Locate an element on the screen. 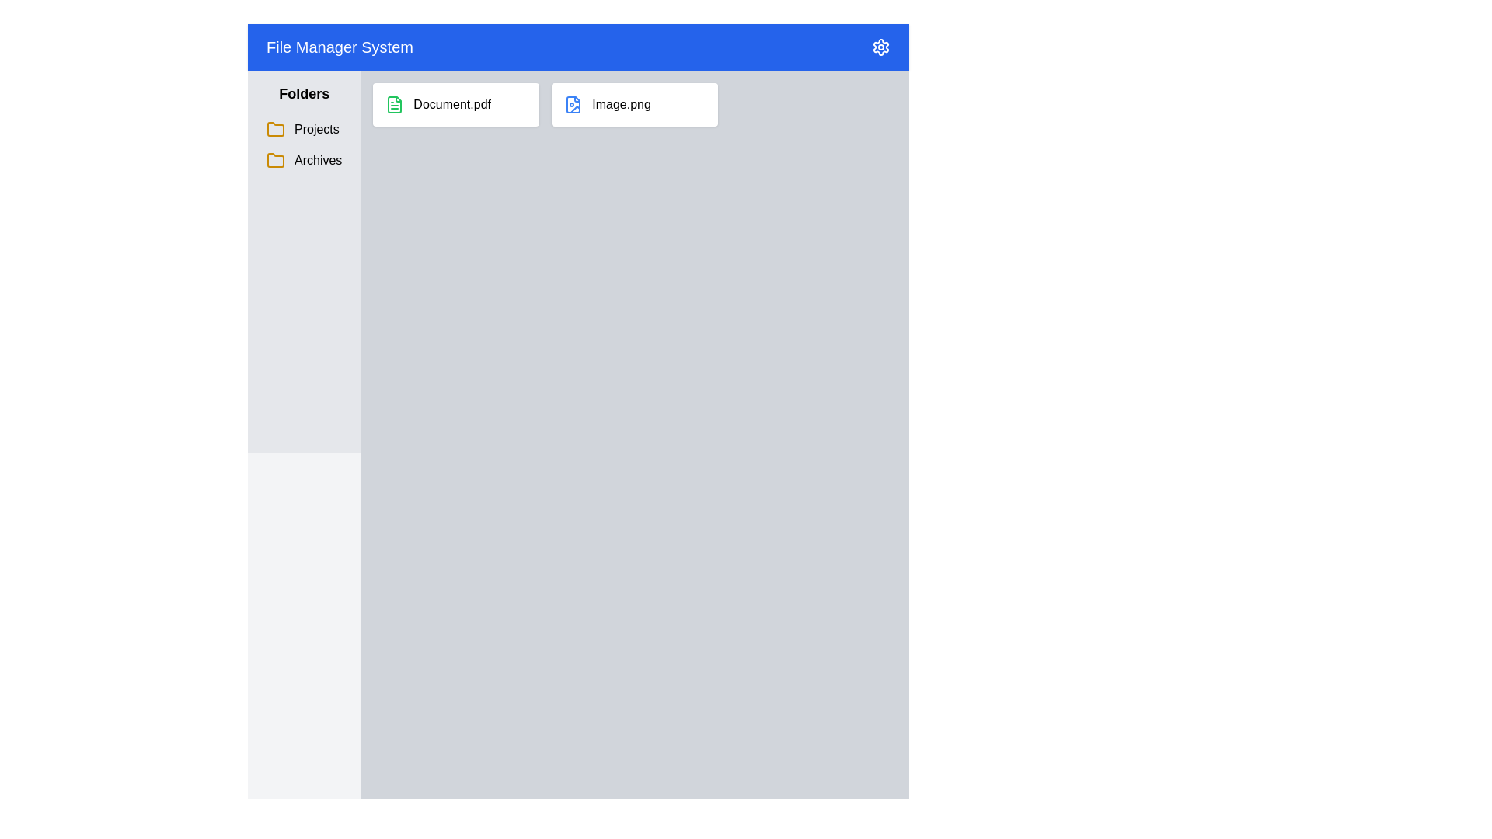  the 'Projects' text label is located at coordinates (315, 128).